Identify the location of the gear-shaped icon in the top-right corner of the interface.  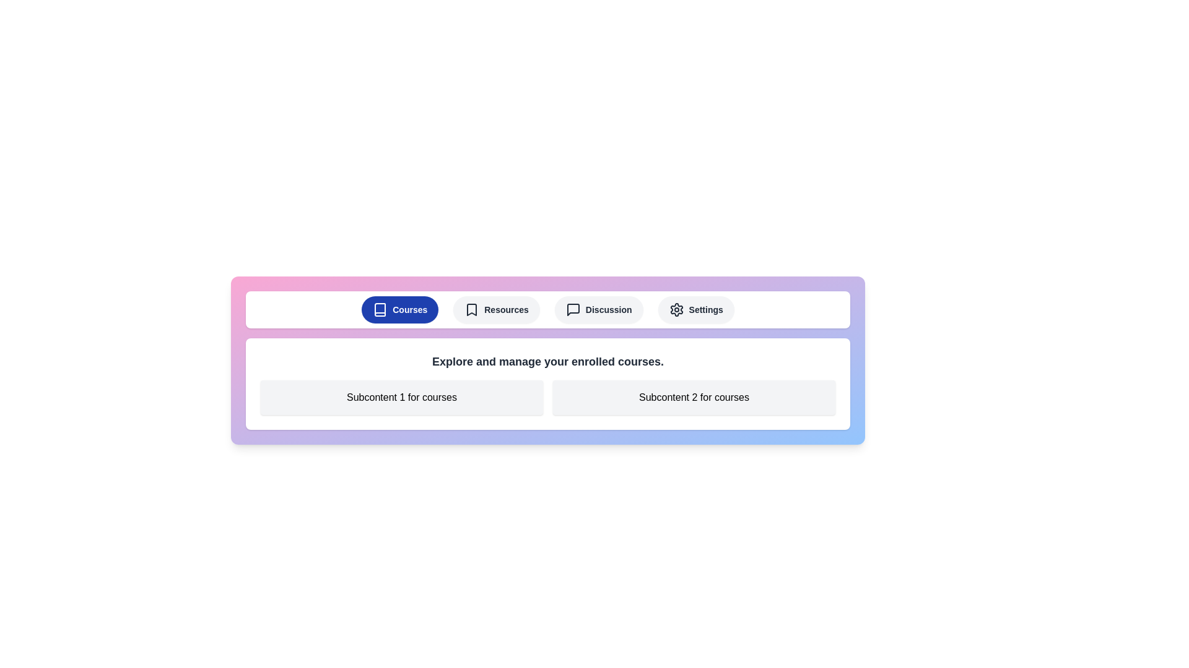
(676, 309).